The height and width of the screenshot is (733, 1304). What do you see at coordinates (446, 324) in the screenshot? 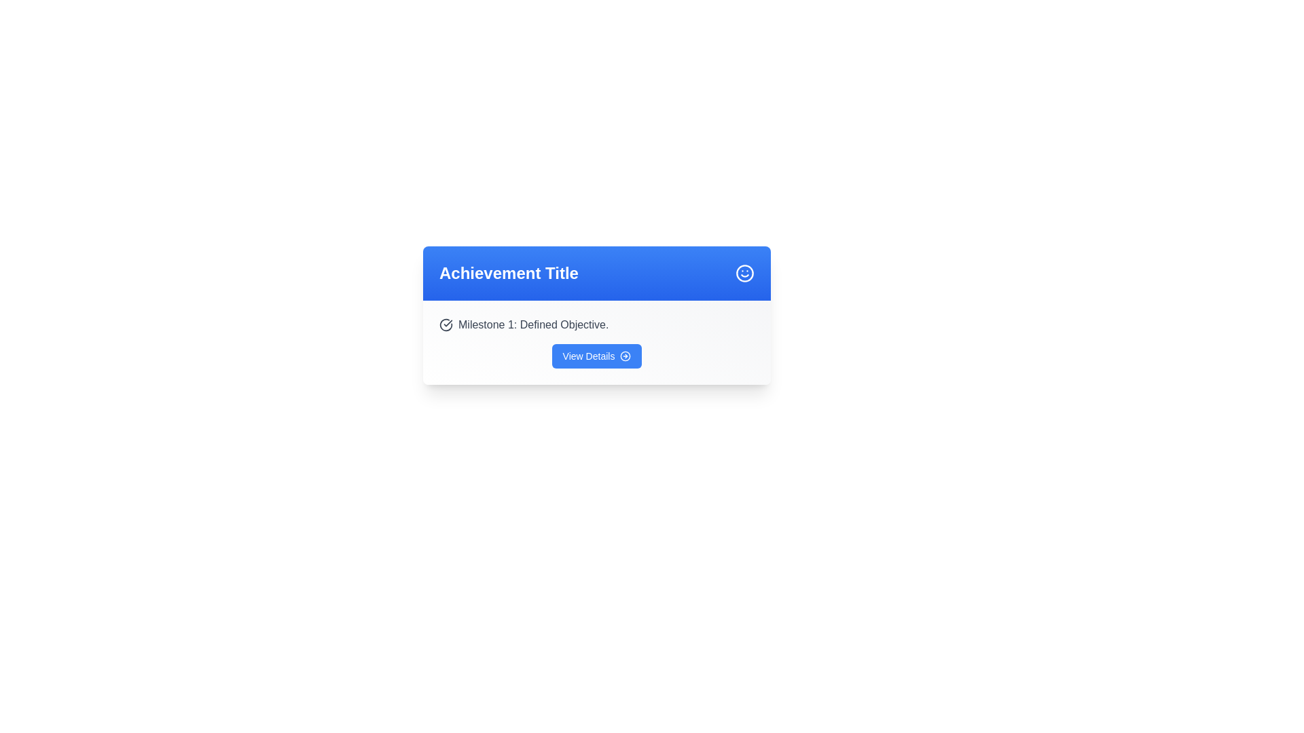
I see `the completion indicator icon located to the left of the text 'Milestone 1: Defined Objective.'` at bounding box center [446, 324].